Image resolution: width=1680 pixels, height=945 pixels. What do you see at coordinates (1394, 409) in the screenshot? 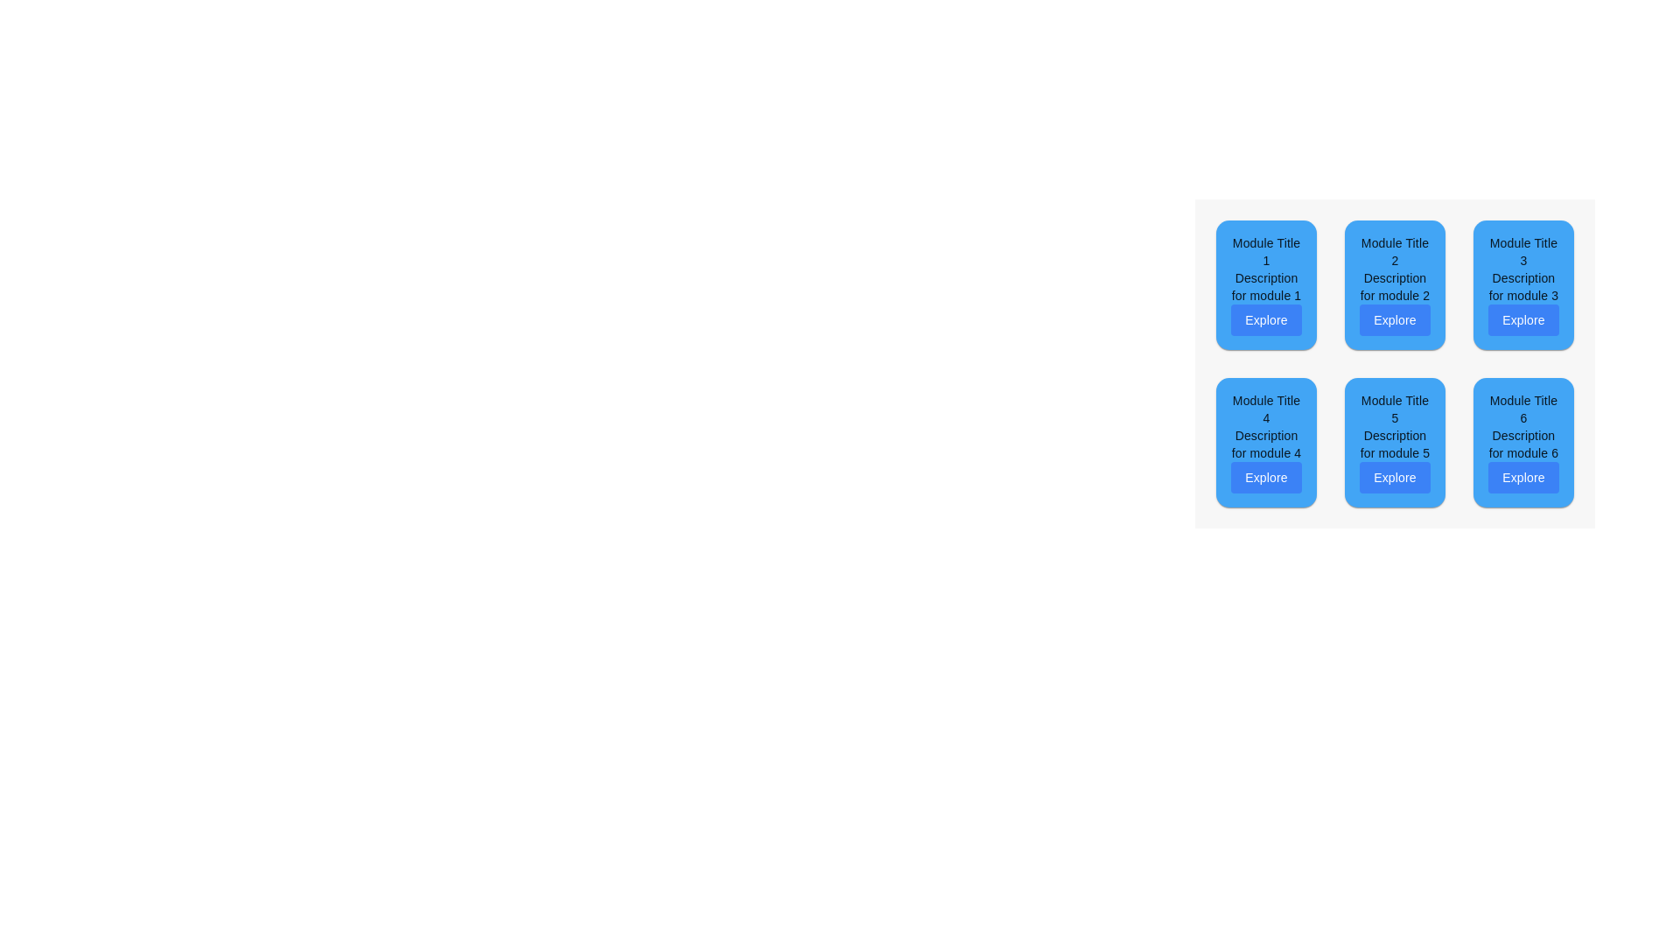
I see `the static text label element displaying 'Module Title 5', which is positioned at the top of the second card in the six-card grid layout` at bounding box center [1394, 409].